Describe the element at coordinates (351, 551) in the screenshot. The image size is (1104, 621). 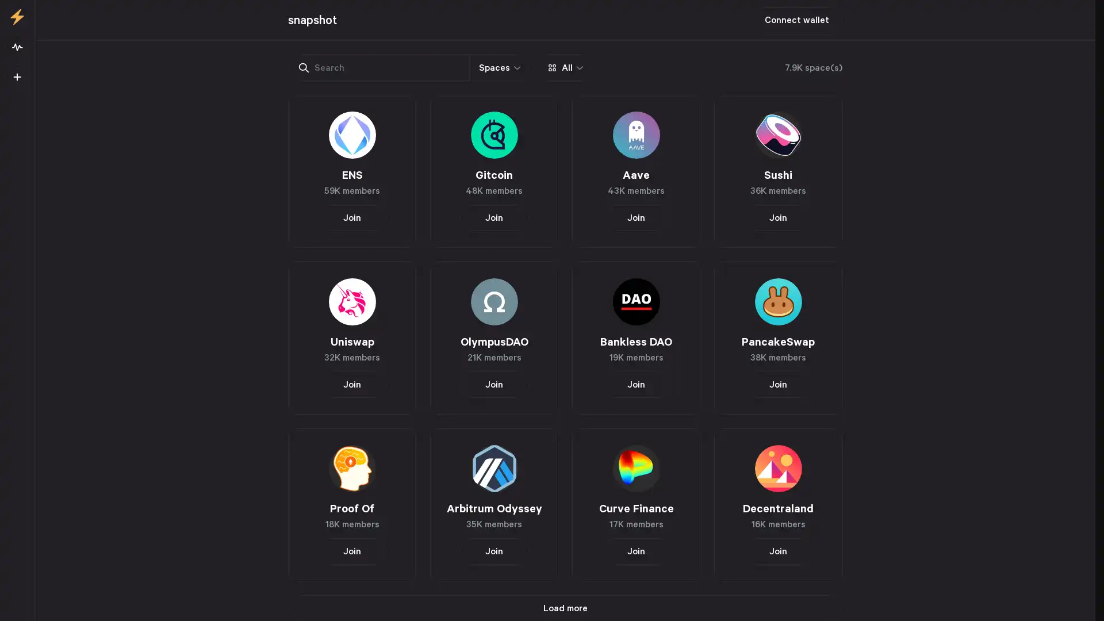
I see `Join` at that location.